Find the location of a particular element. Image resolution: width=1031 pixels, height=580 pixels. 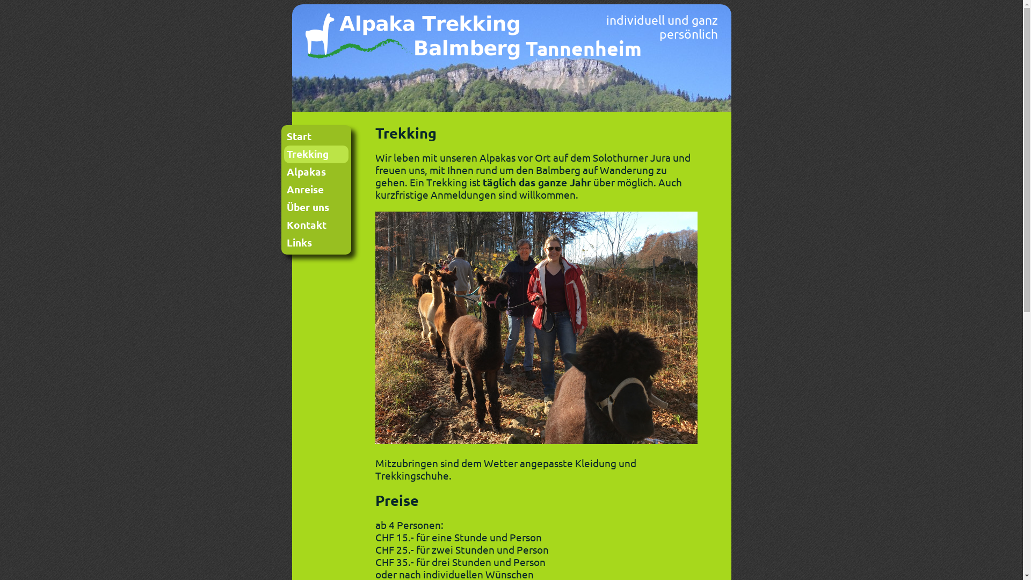

'Trekking' is located at coordinates (315, 154).